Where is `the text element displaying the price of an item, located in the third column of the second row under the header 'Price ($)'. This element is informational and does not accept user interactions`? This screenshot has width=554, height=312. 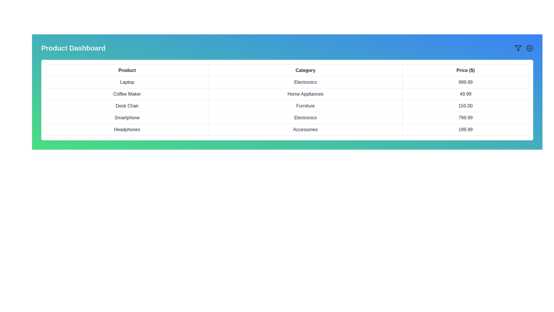 the text element displaying the price of an item, located in the third column of the second row under the header 'Price ($)'. This element is informational and does not accept user interactions is located at coordinates (465, 94).